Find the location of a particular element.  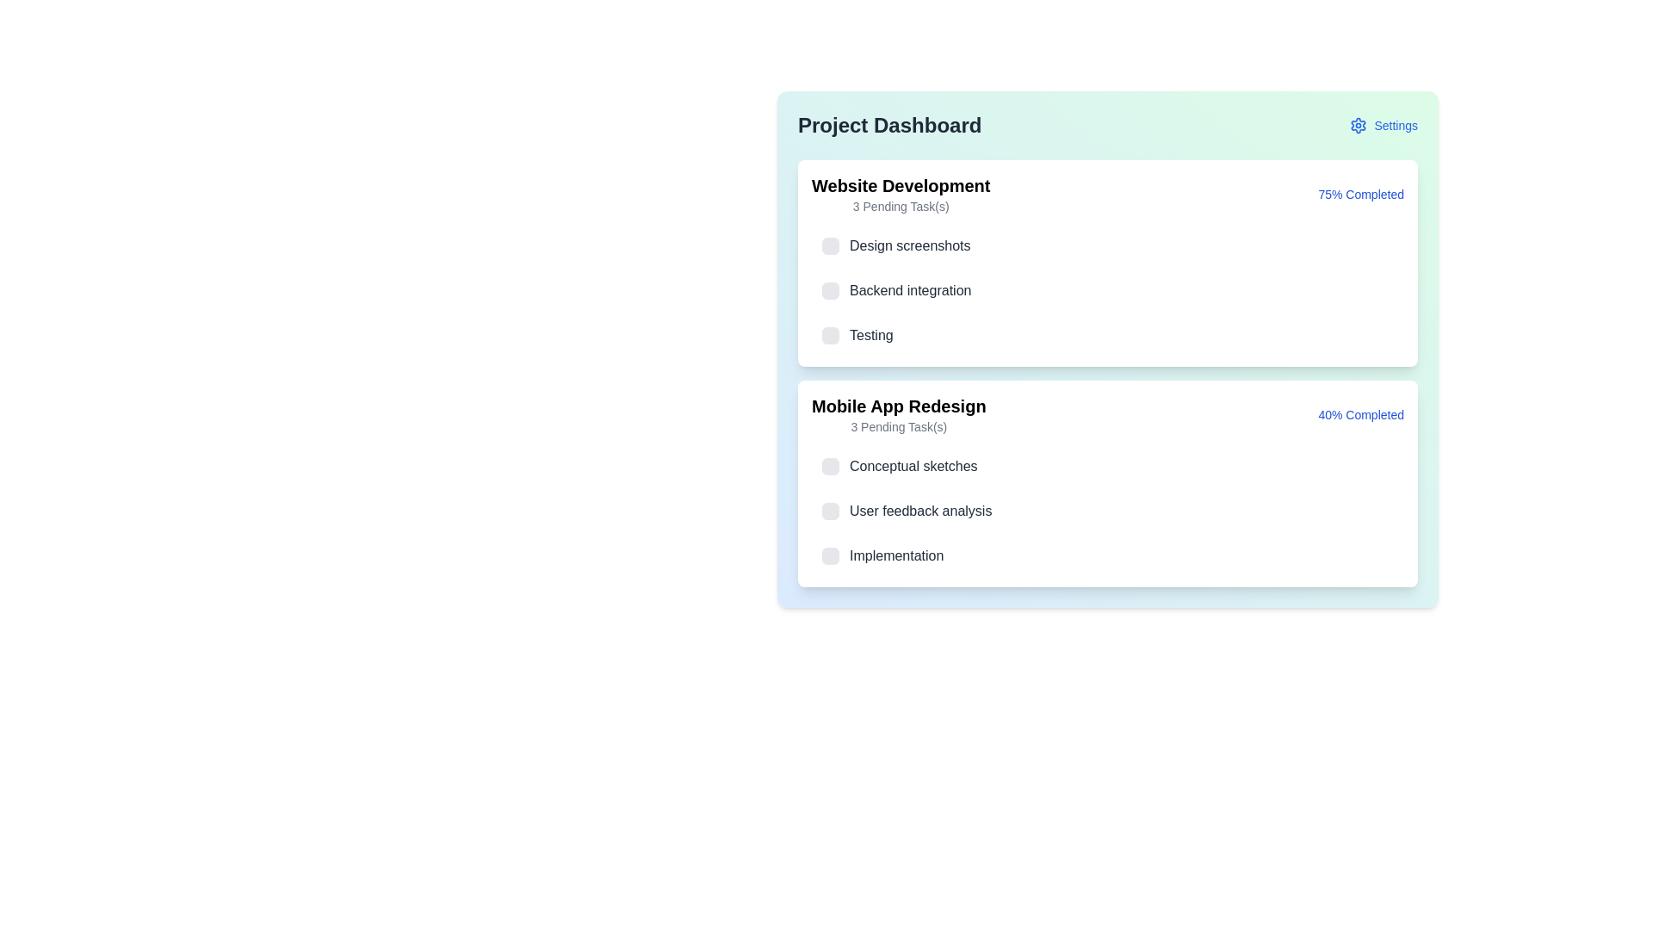

the small square checkbox with rounded corners and a light gray background located within the project task card for 'Mobile App Redesign' is located at coordinates (830, 467).